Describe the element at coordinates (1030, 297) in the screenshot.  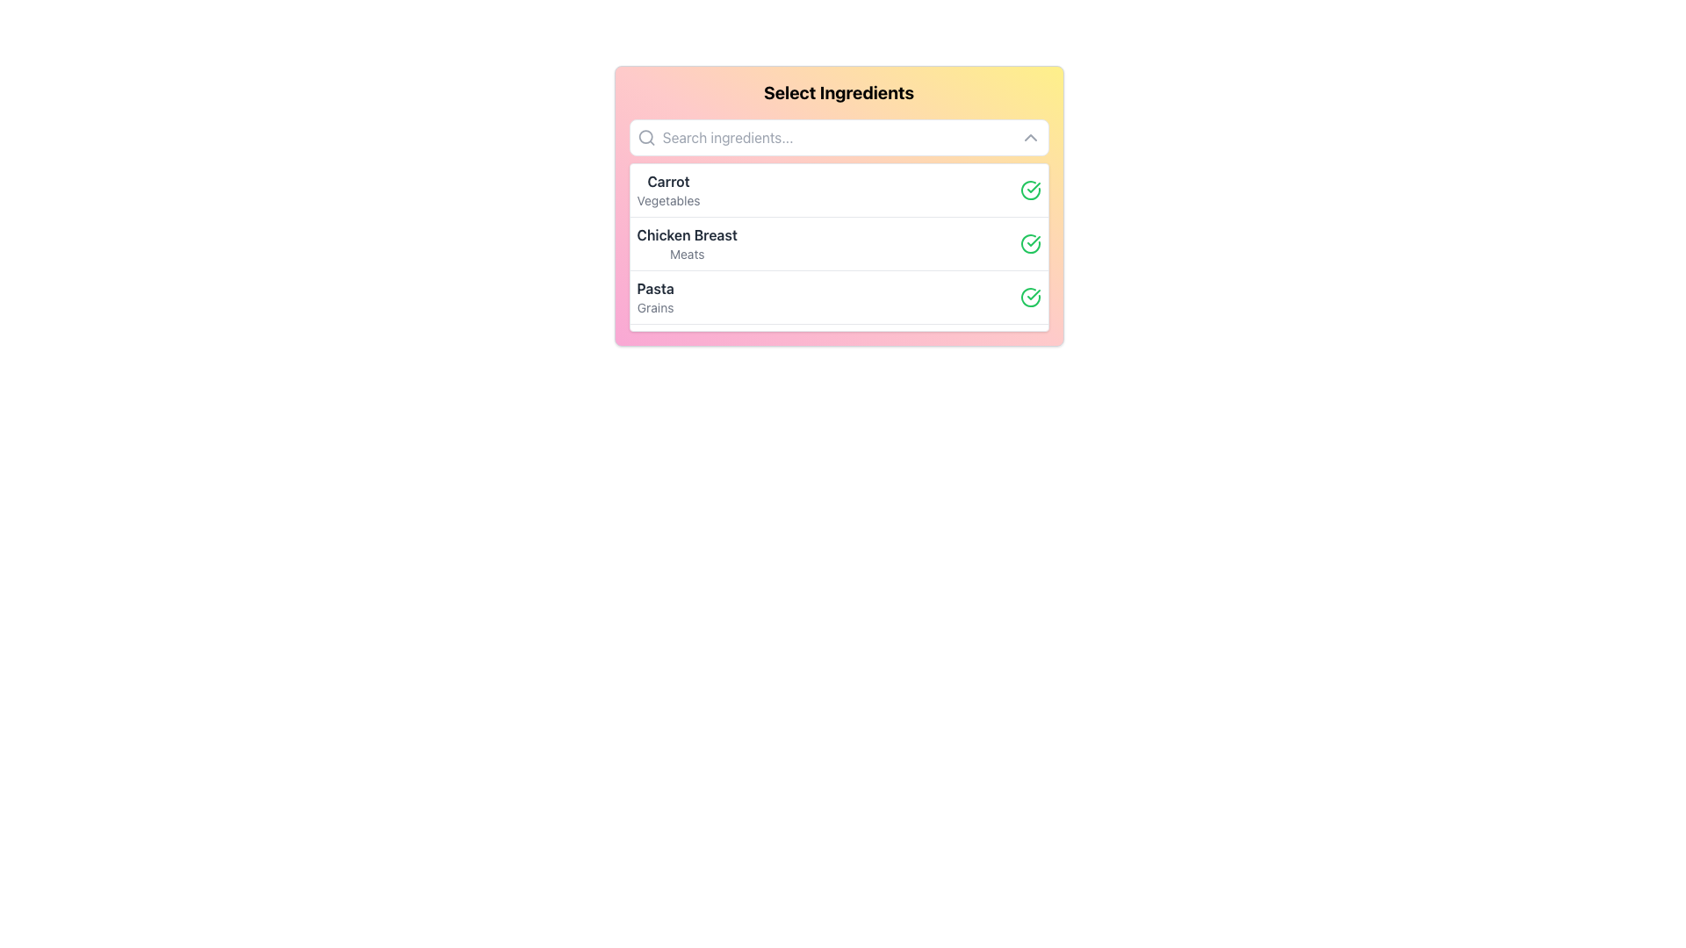
I see `status indicator icon with a green checkmark located to the right of the 'Pasta' entry in the list` at that location.